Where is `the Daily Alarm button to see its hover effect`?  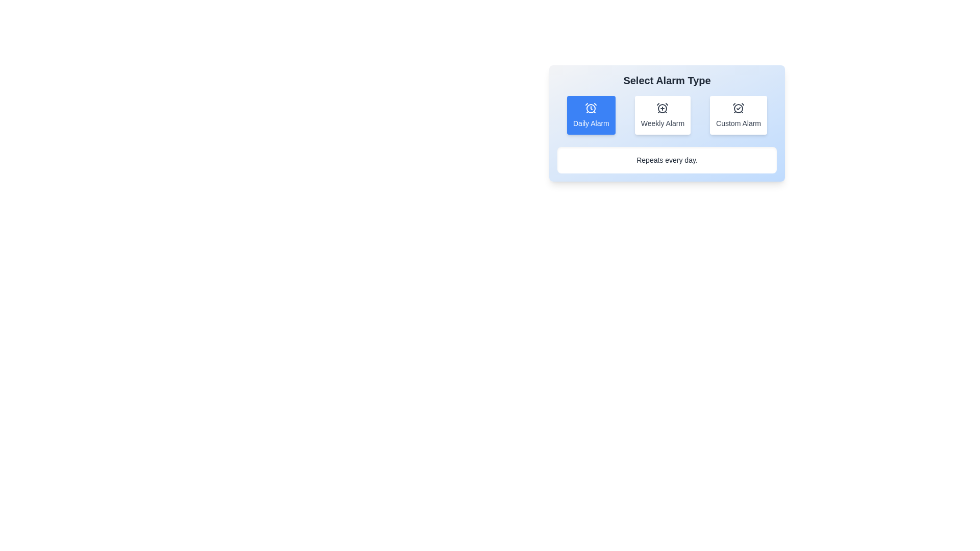 the Daily Alarm button to see its hover effect is located at coordinates (591, 115).